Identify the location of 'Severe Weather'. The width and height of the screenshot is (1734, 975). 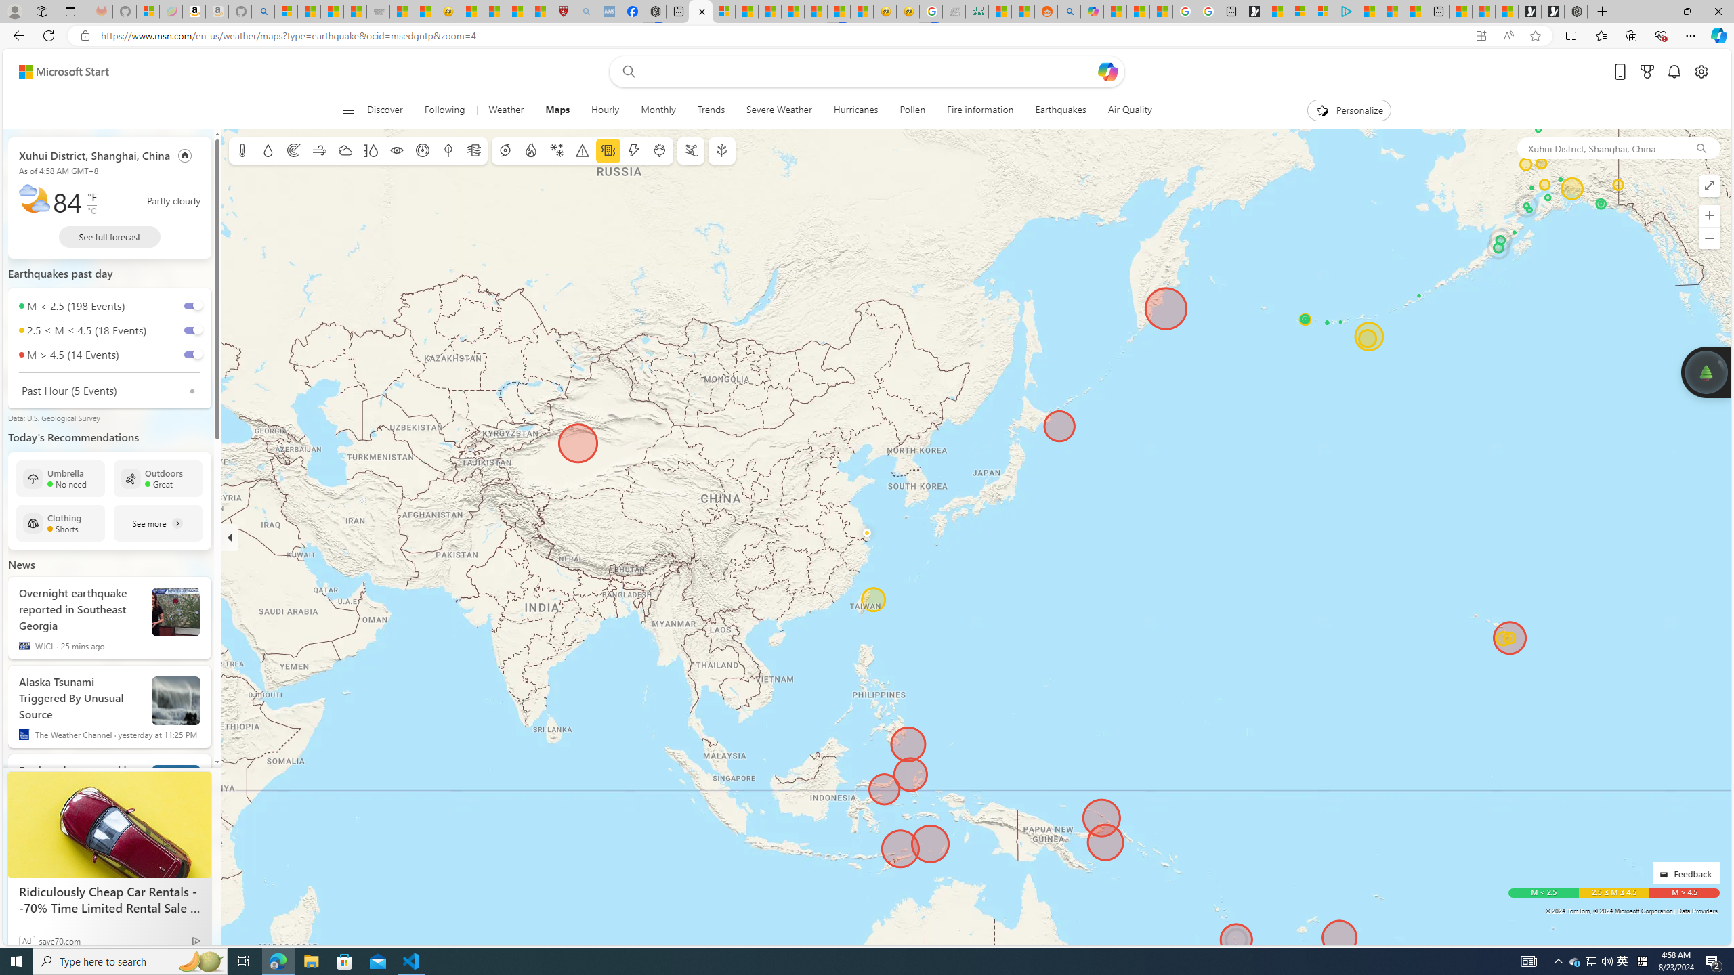
(778, 110).